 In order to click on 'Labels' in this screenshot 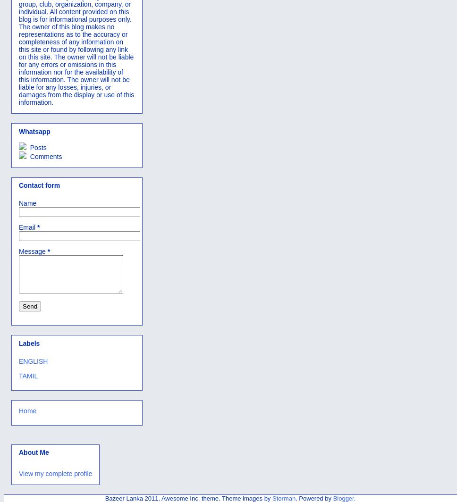, I will do `click(28, 343)`.